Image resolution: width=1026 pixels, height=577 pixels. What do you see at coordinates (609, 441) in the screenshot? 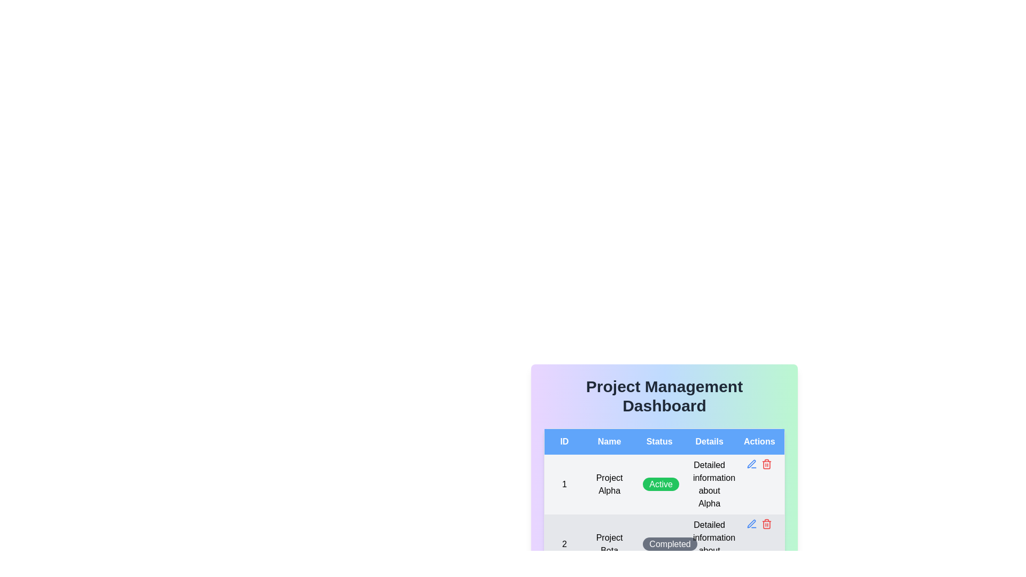
I see `the table header cell with a blue background and white text that displays the word 'Name', which is the second header in the row of column headers` at bounding box center [609, 441].